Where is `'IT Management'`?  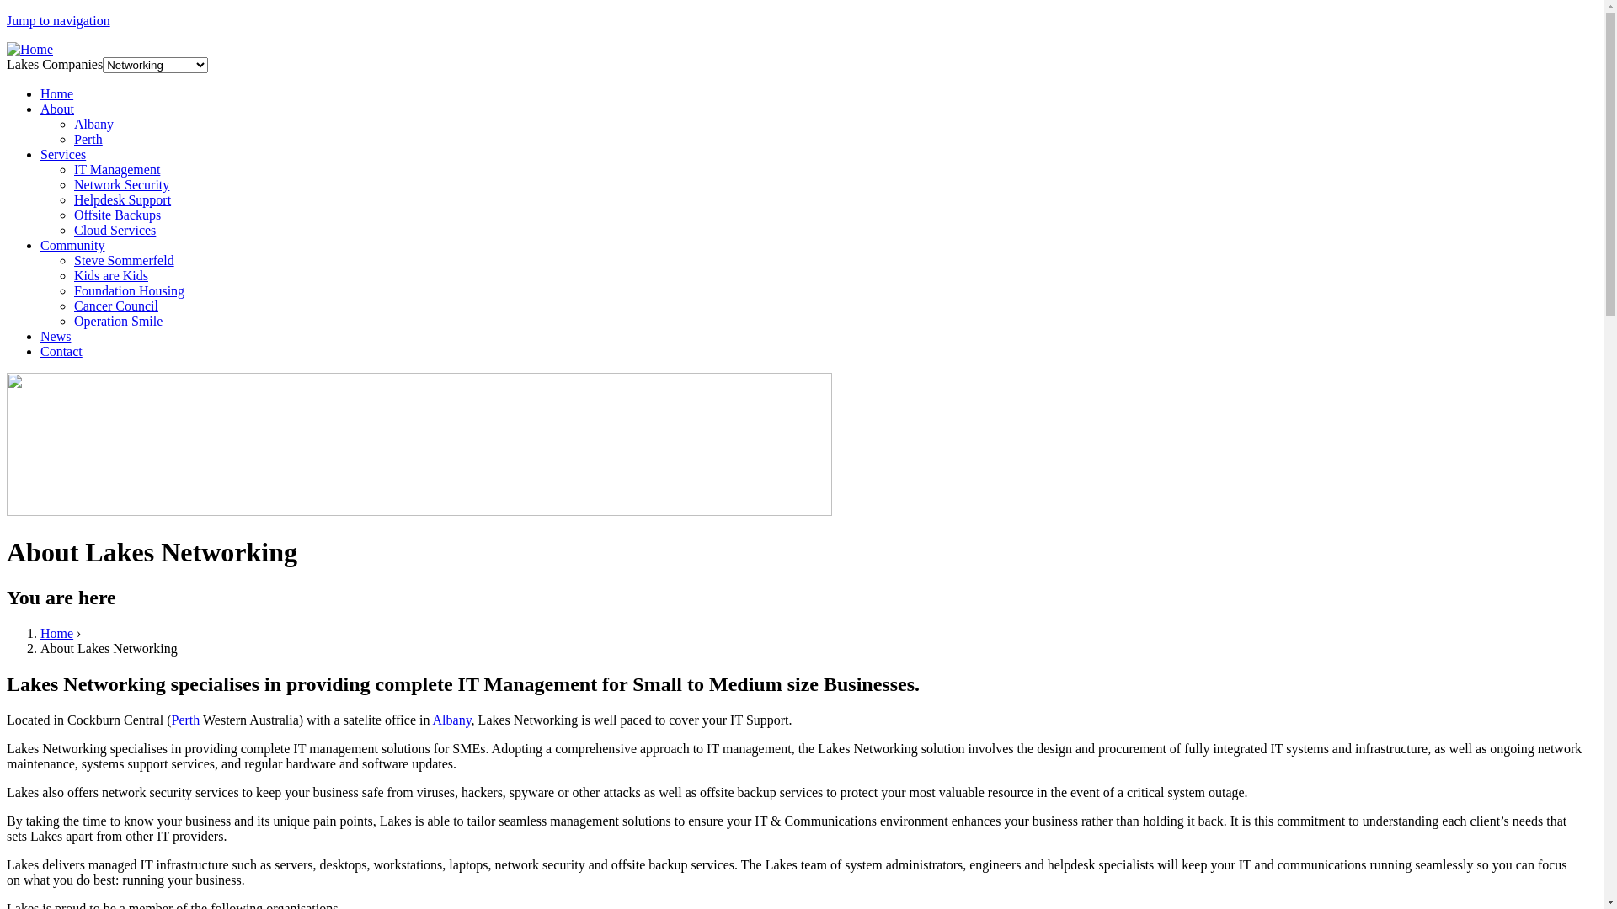 'IT Management' is located at coordinates (72, 169).